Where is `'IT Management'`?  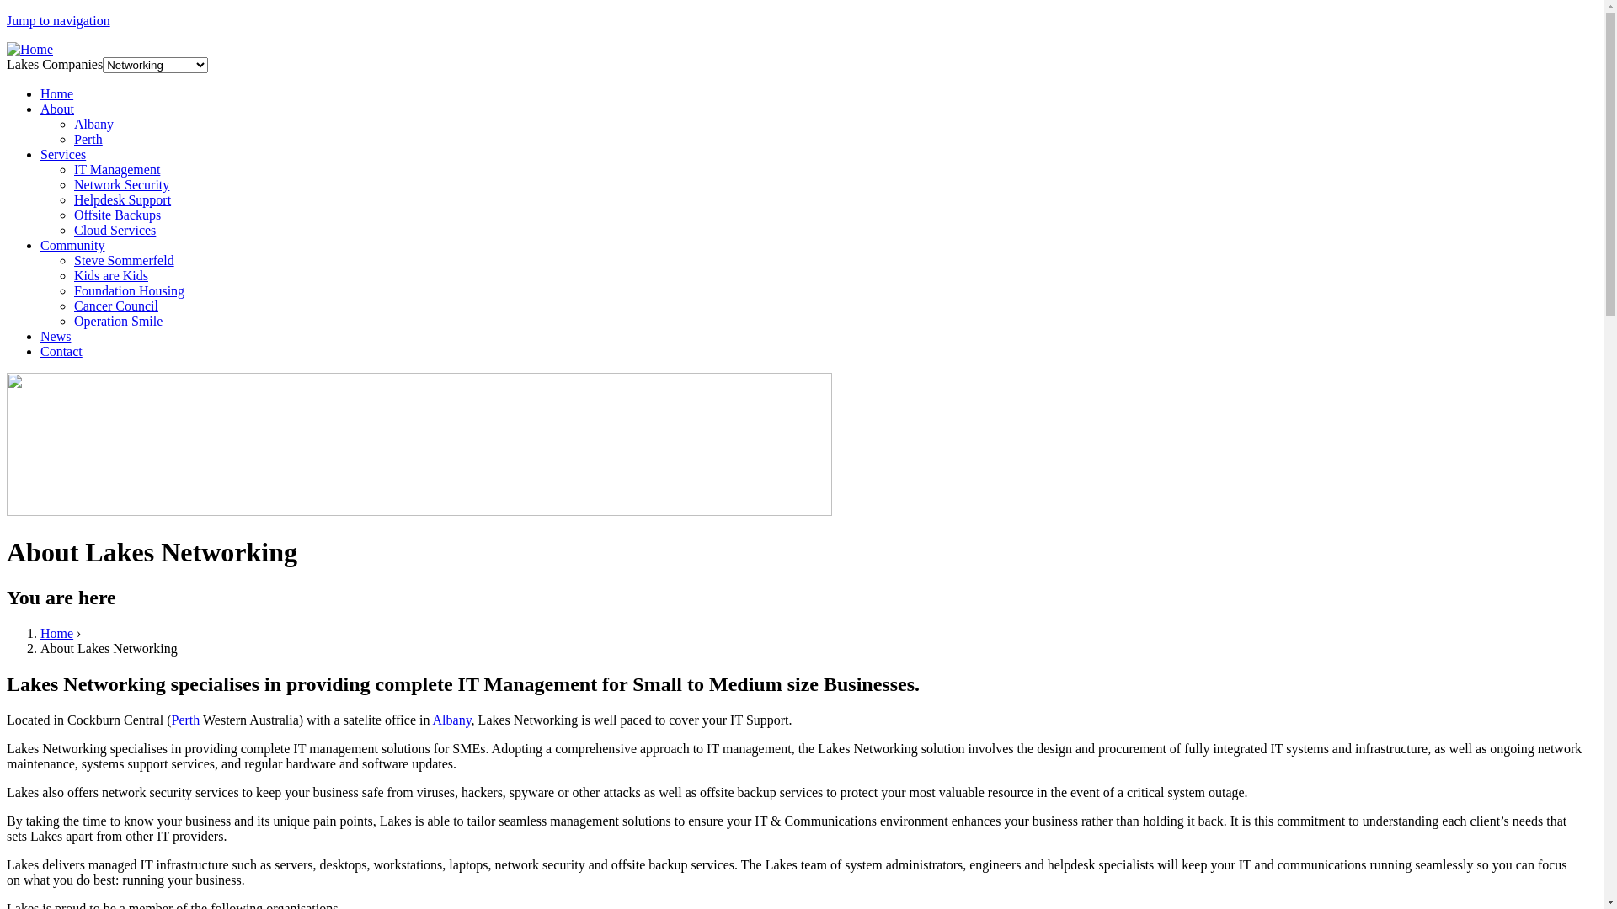 'IT Management' is located at coordinates (72, 169).